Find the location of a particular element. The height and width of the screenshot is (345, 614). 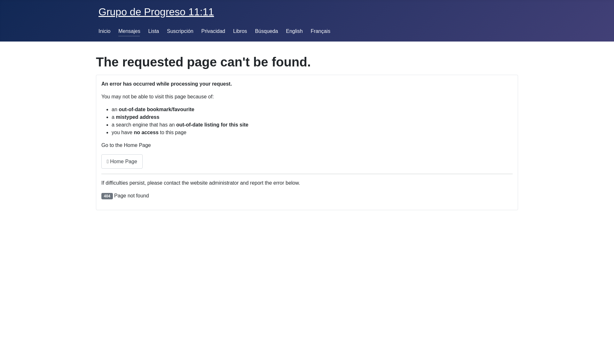

'Home Page' is located at coordinates (122, 161).